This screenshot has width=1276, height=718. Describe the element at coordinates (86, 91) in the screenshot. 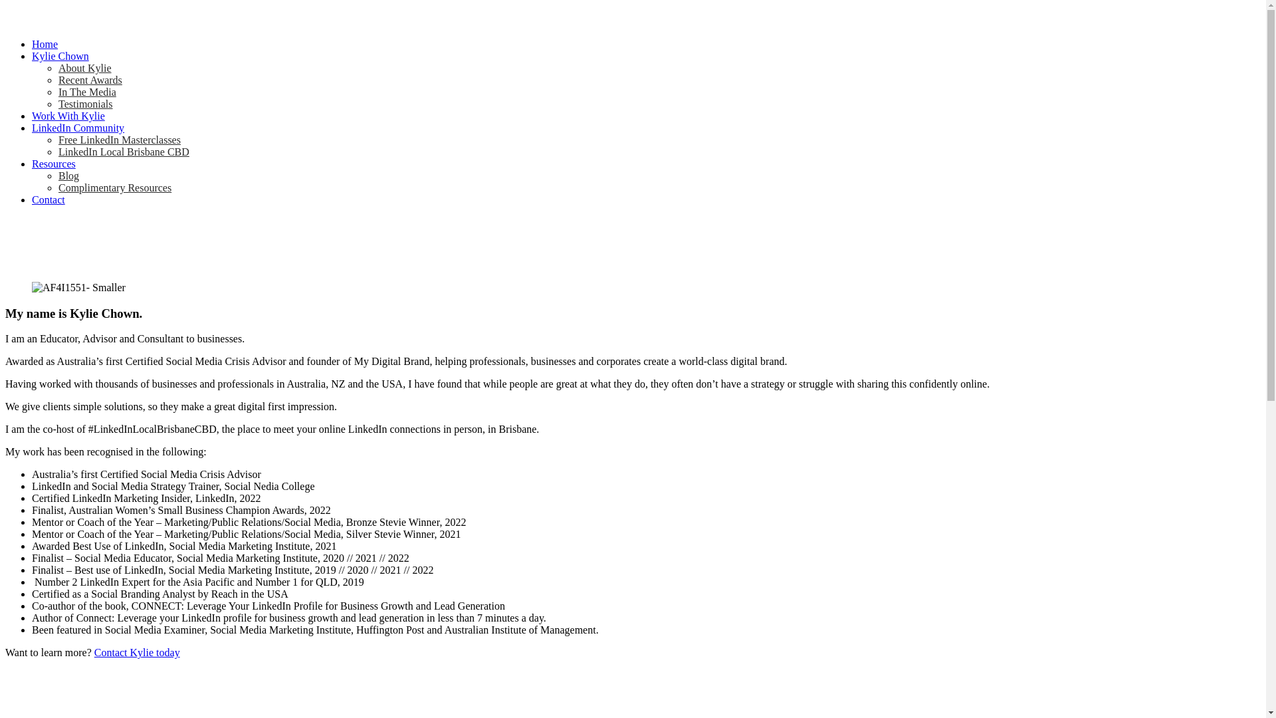

I see `'In The Media'` at that location.